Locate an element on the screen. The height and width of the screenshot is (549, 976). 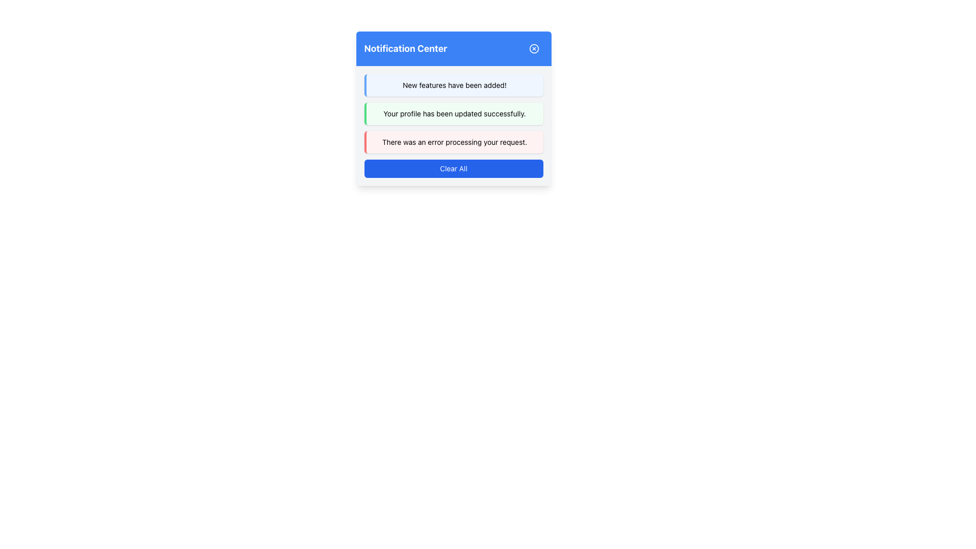
first notification message stating 'New features have been added!' located inside the rounded notification box with a blue left border in the Notification Center is located at coordinates (454, 85).